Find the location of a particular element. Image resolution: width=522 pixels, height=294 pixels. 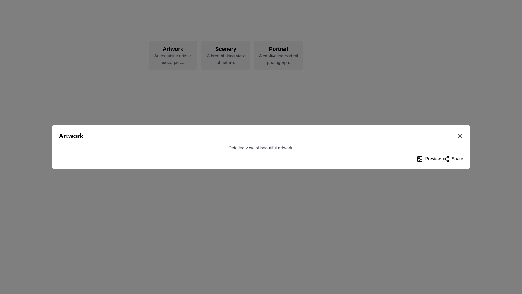

the 'Share' button, which is a horizontal button with a white background and an icon of interconnected nodes, located towards the bottom-right corner of the interface is located at coordinates (453, 159).